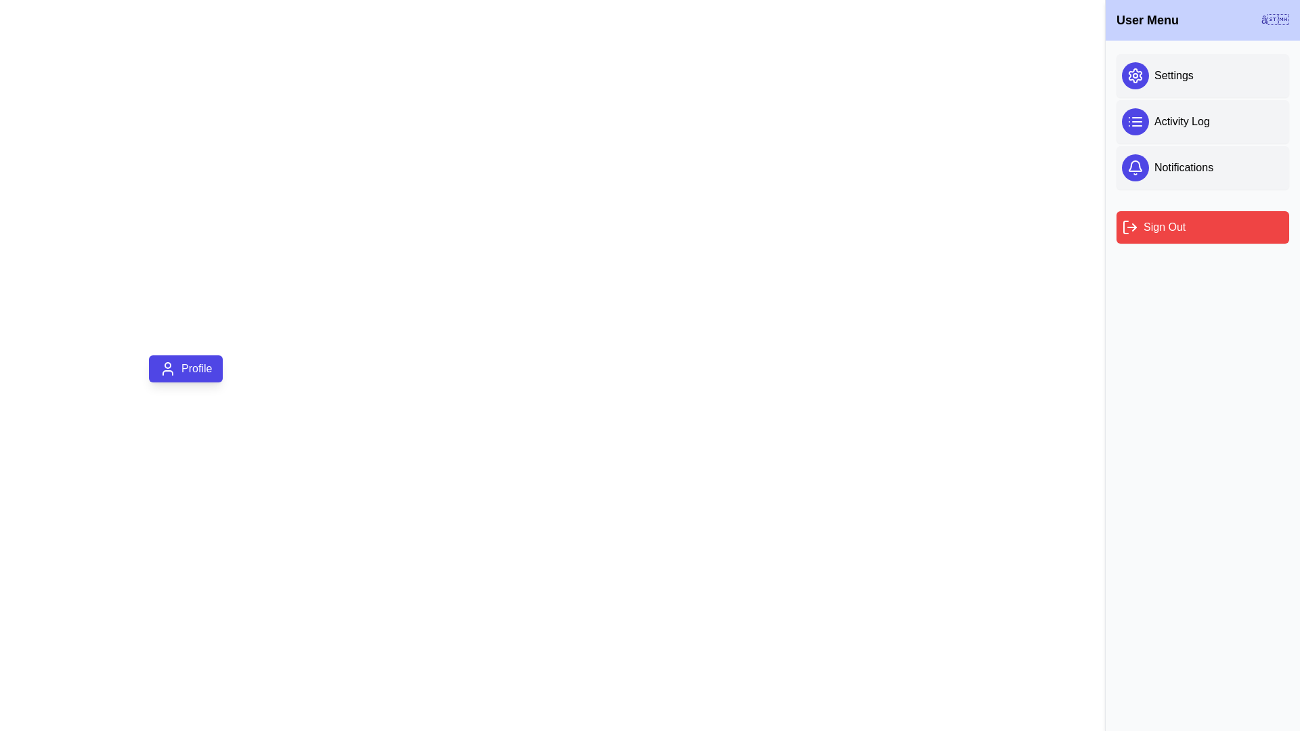 The height and width of the screenshot is (731, 1300). Describe the element at coordinates (1202, 122) in the screenshot. I see `the option Activity Log from the user menu` at that location.